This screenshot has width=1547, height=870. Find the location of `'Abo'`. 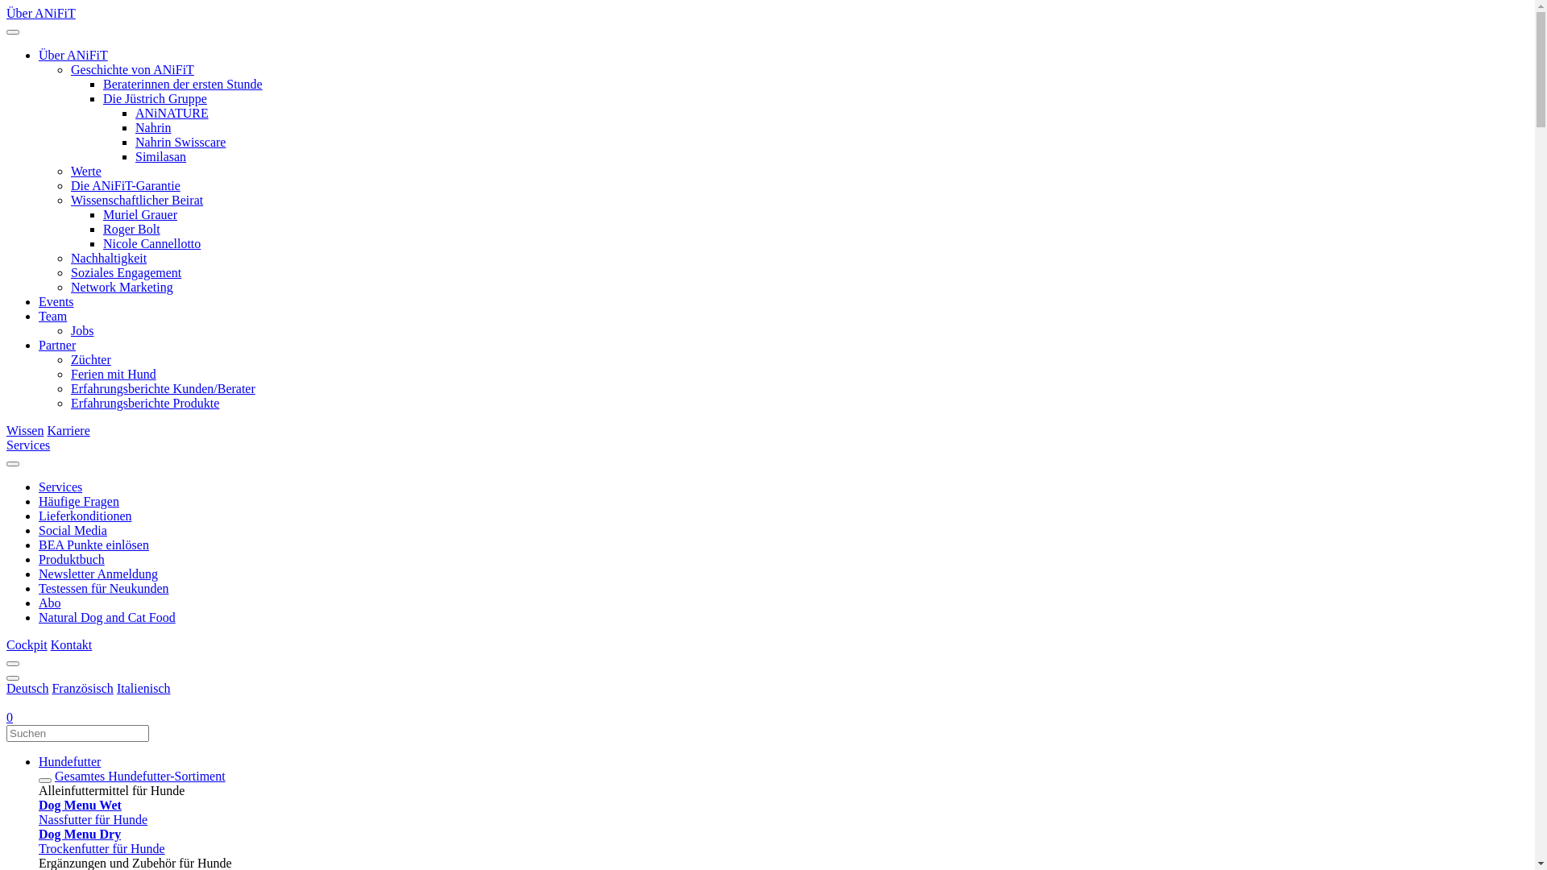

'Abo' is located at coordinates (50, 603).